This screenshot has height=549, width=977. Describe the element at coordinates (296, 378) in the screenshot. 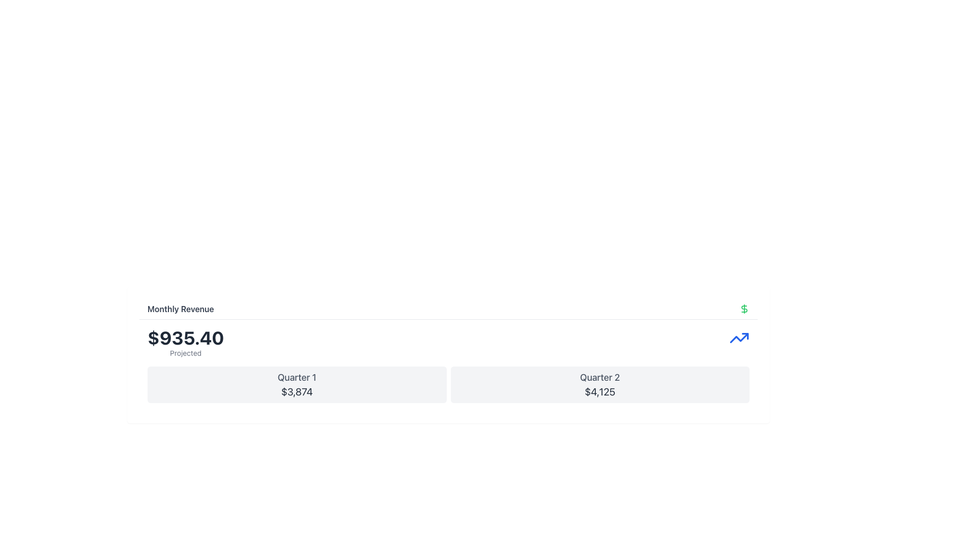

I see `the text display element showing 'Quarter 1', which is styled in gray color and positioned at the top-center of a card containing another text element below it` at that location.